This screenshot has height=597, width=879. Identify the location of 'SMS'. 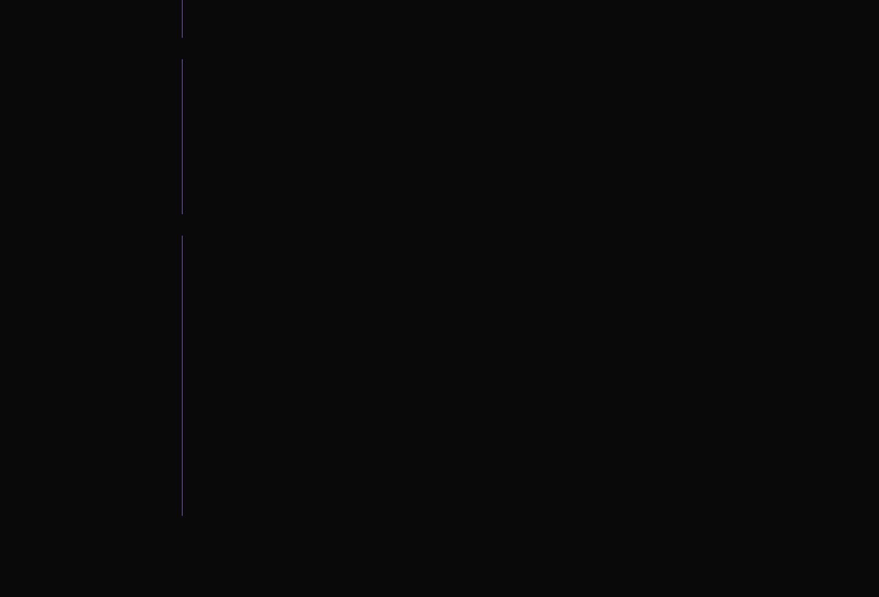
(582, 398).